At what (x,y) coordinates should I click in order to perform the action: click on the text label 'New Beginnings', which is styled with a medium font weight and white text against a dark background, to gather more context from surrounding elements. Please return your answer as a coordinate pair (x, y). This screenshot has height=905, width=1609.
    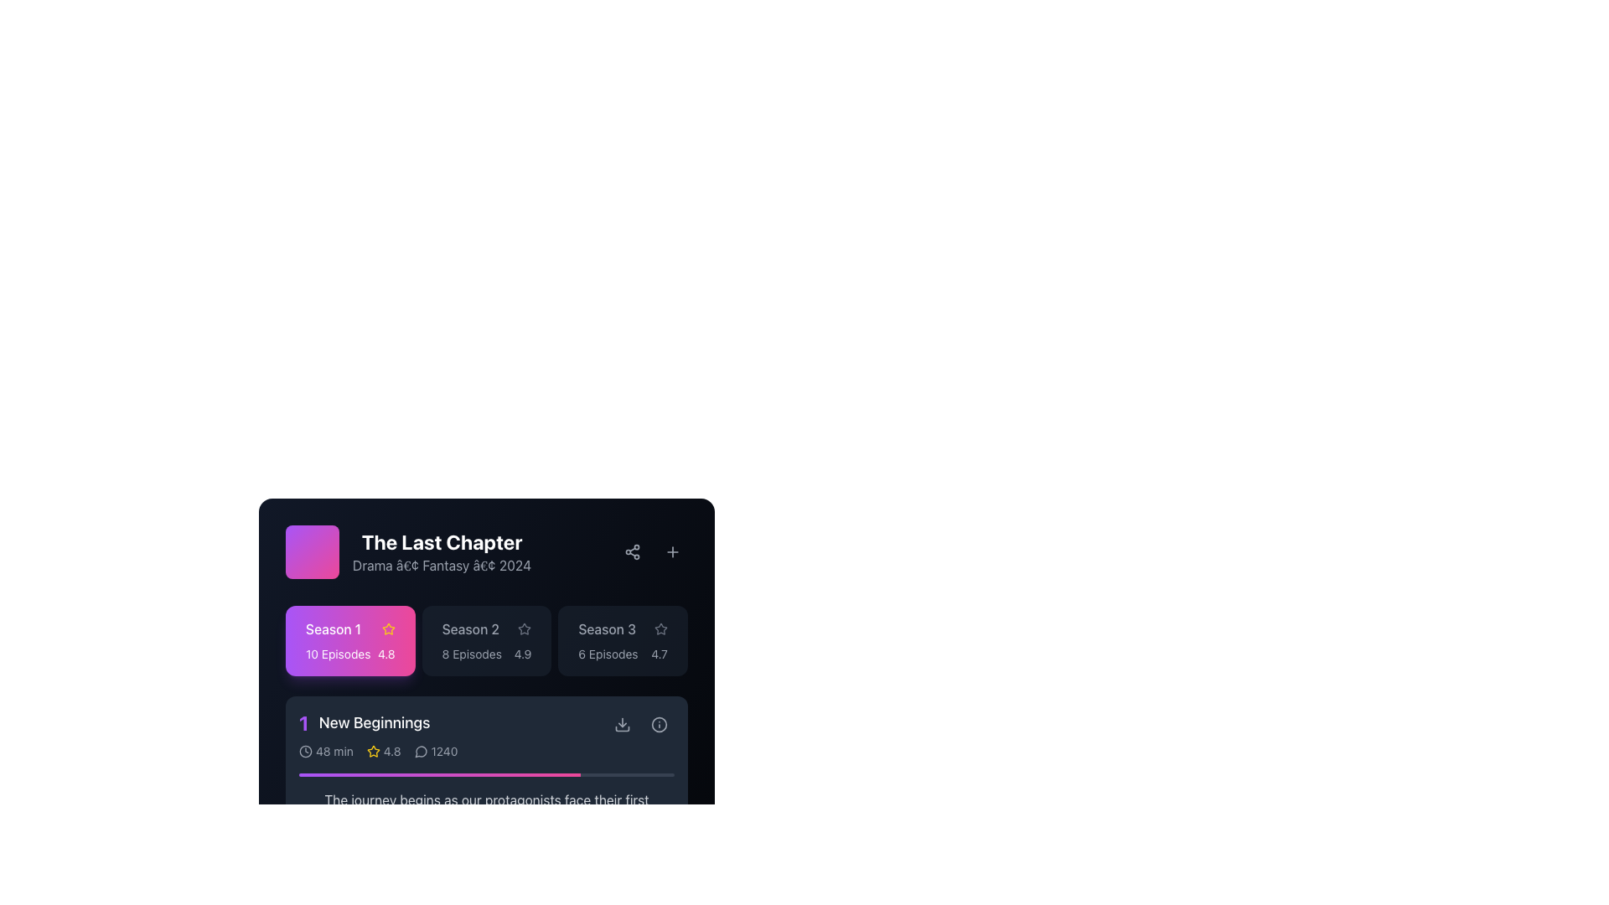
    Looking at the image, I should click on (373, 722).